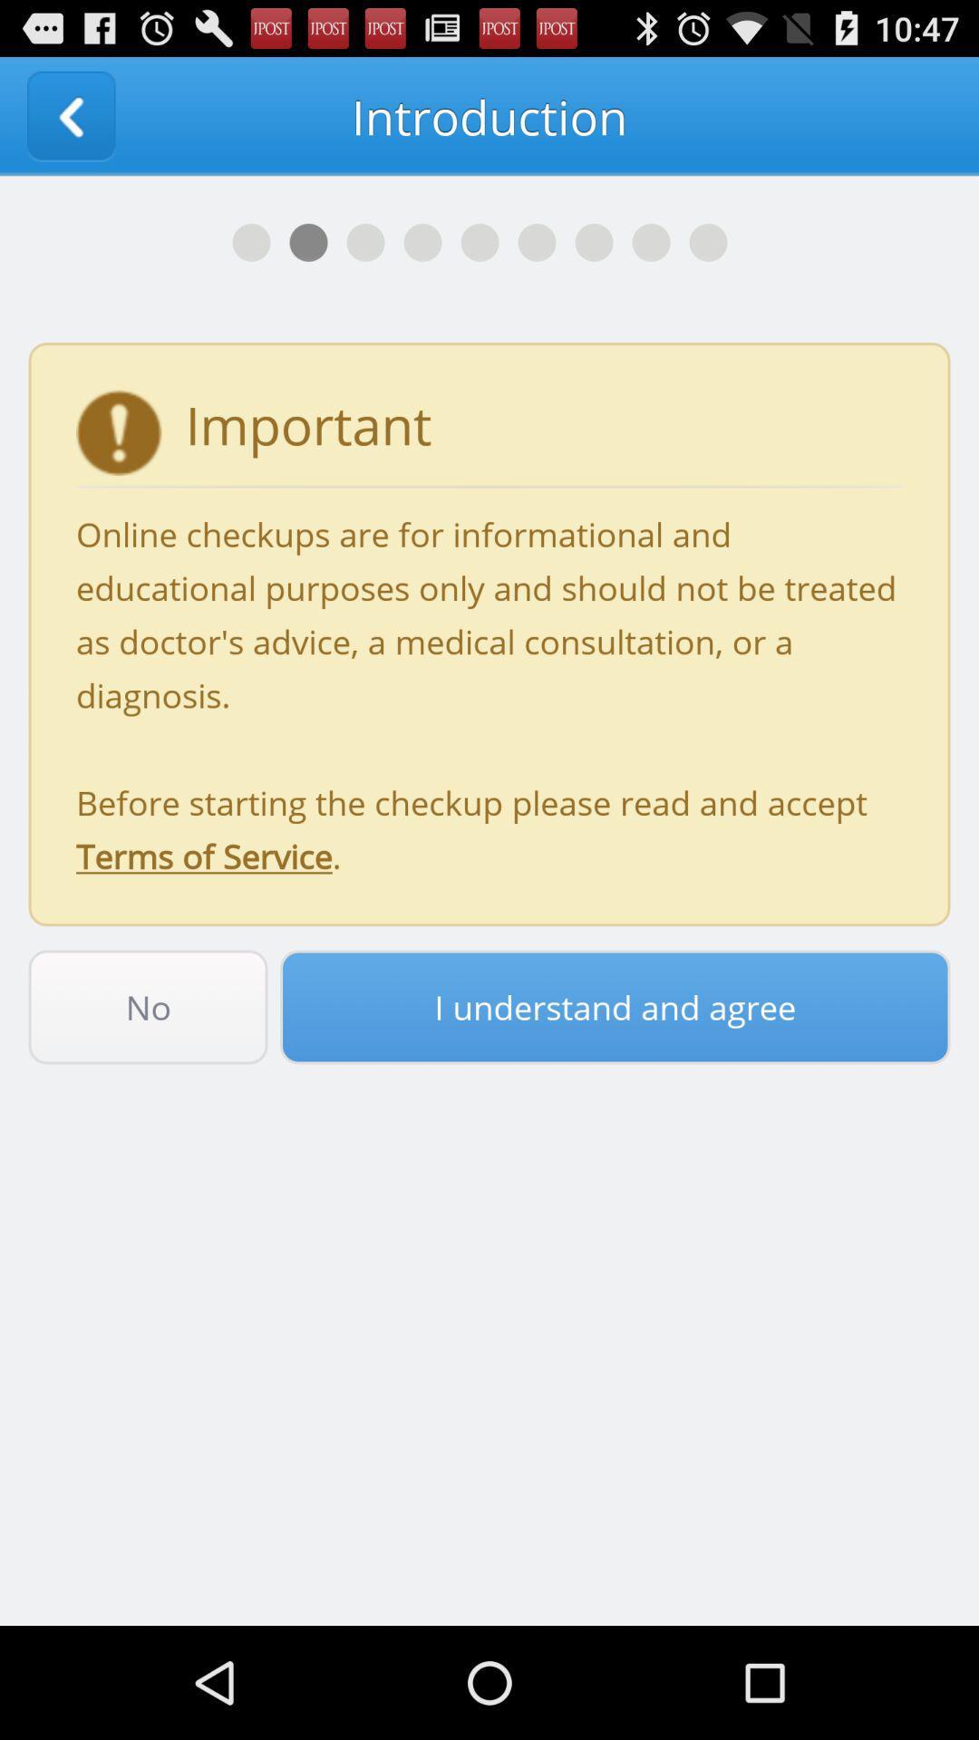  Describe the element at coordinates (70, 115) in the screenshot. I see `app to the left of the introduction` at that location.